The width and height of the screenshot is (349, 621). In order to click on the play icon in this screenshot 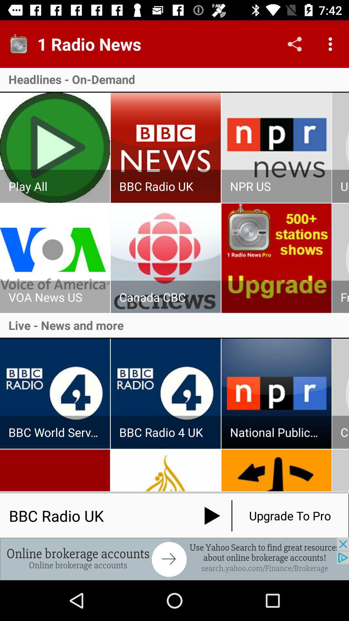, I will do `click(212, 515)`.